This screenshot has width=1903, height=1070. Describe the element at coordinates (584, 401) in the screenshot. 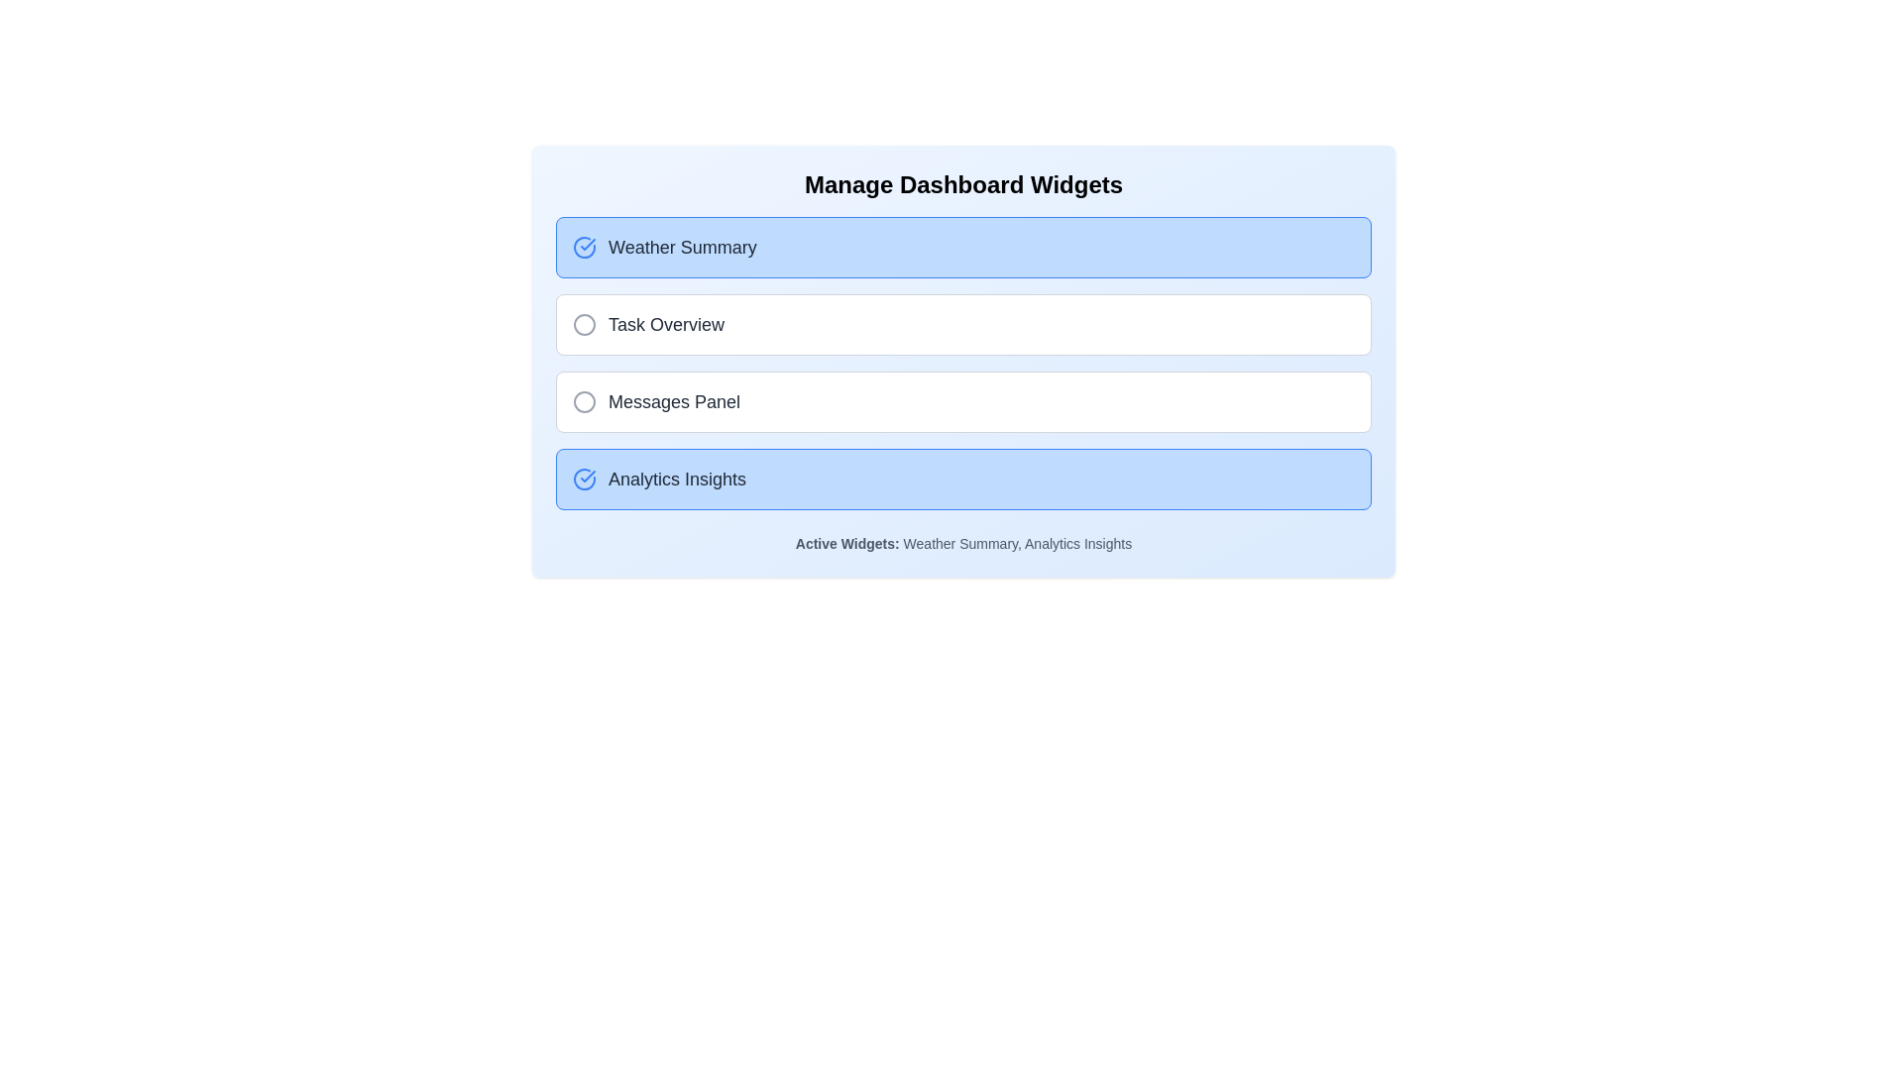

I see `the gray circular icon representing the 'Messages Panel' in the dashboard widgets` at that location.